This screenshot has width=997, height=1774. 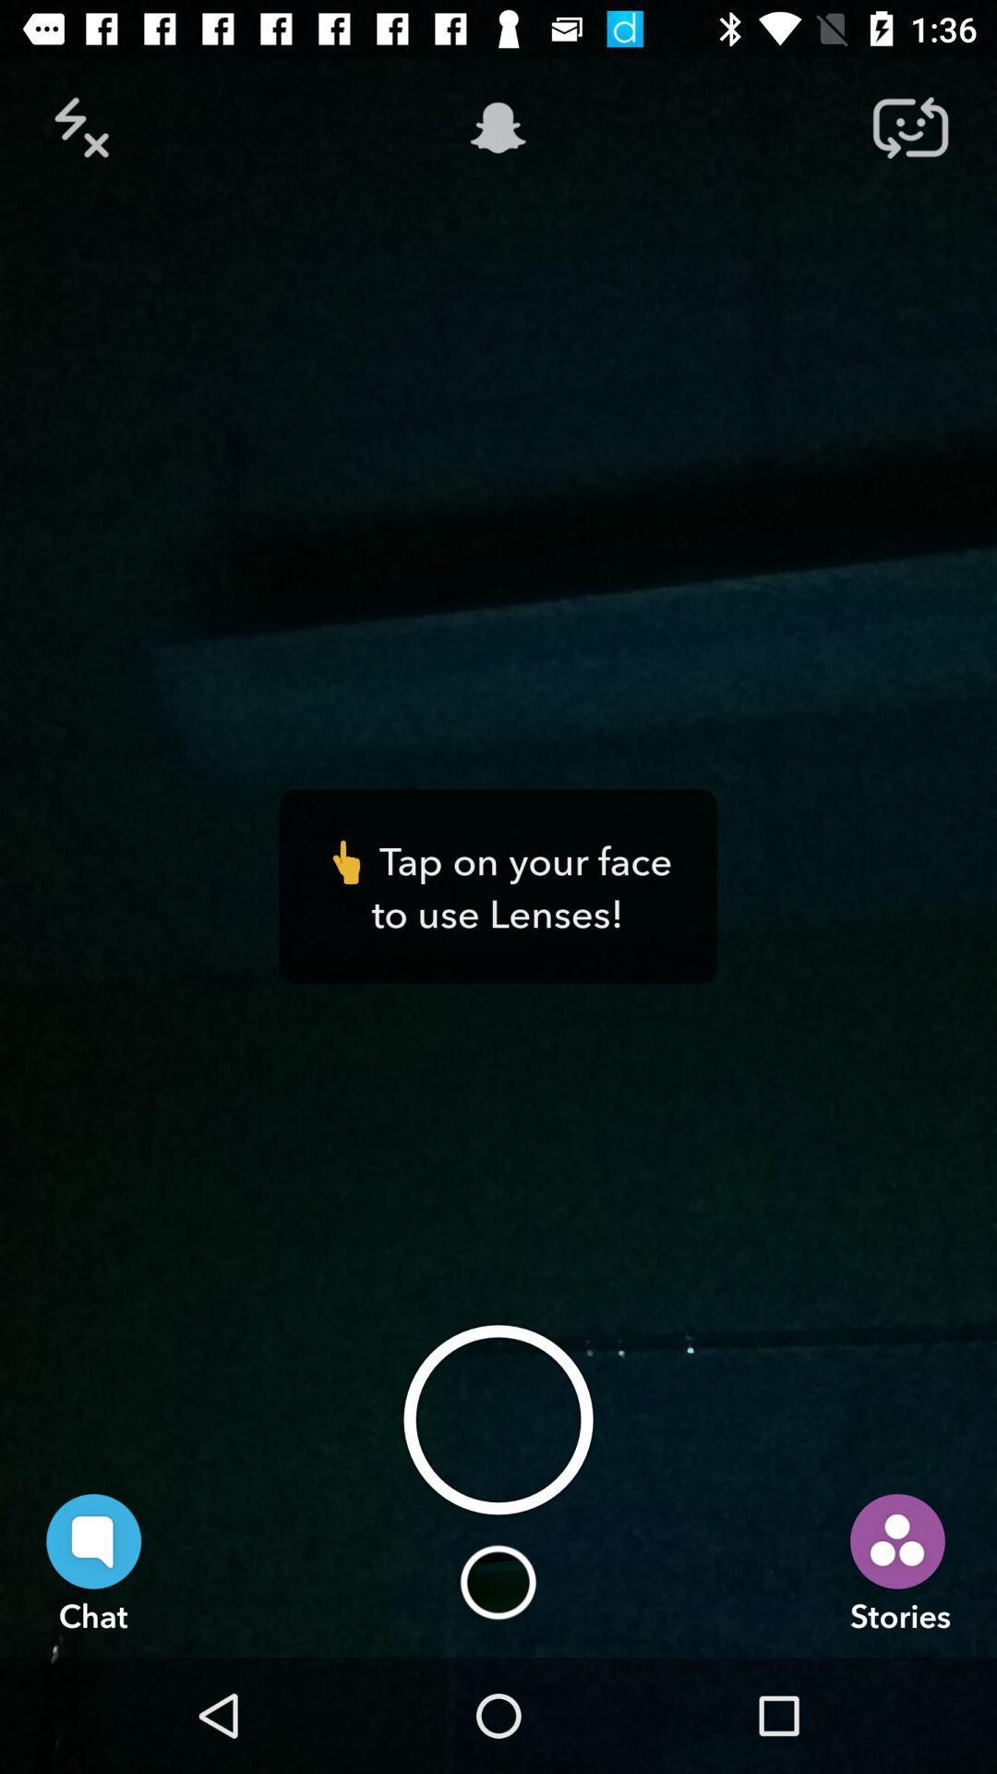 What do you see at coordinates (86, 127) in the screenshot?
I see `go back` at bounding box center [86, 127].